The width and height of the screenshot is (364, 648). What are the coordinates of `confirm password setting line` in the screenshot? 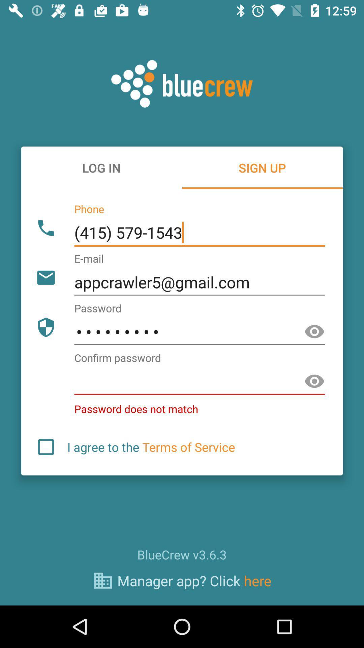 It's located at (199, 382).